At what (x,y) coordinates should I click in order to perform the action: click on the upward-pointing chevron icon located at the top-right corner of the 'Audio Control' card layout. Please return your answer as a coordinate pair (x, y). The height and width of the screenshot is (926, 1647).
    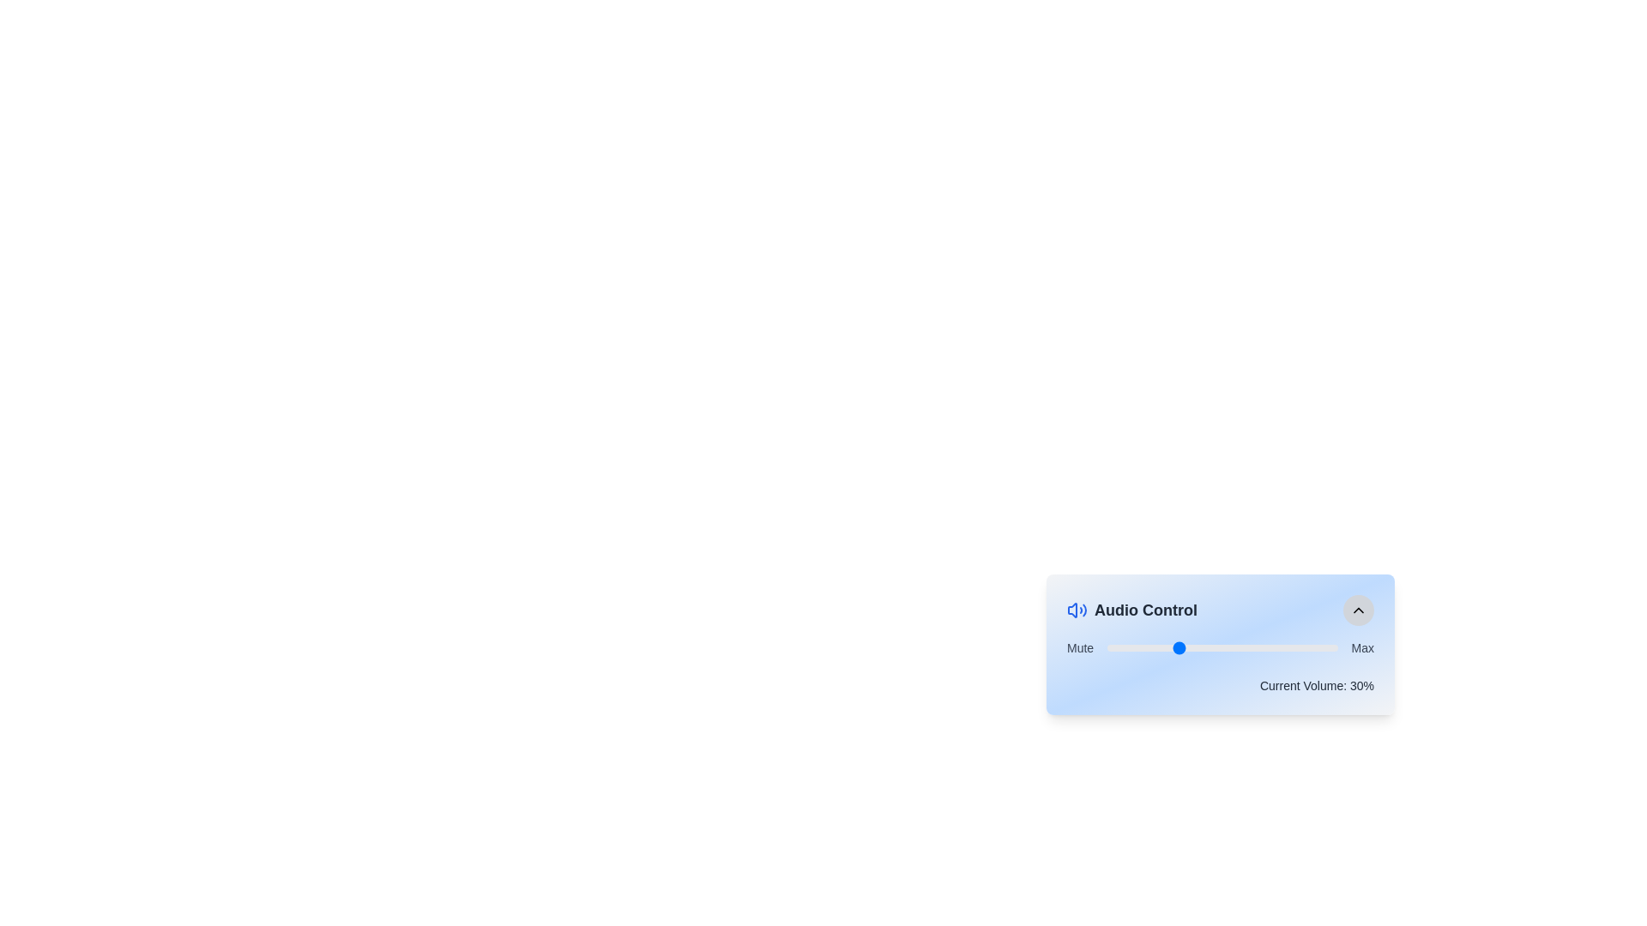
    Looking at the image, I should click on (1358, 610).